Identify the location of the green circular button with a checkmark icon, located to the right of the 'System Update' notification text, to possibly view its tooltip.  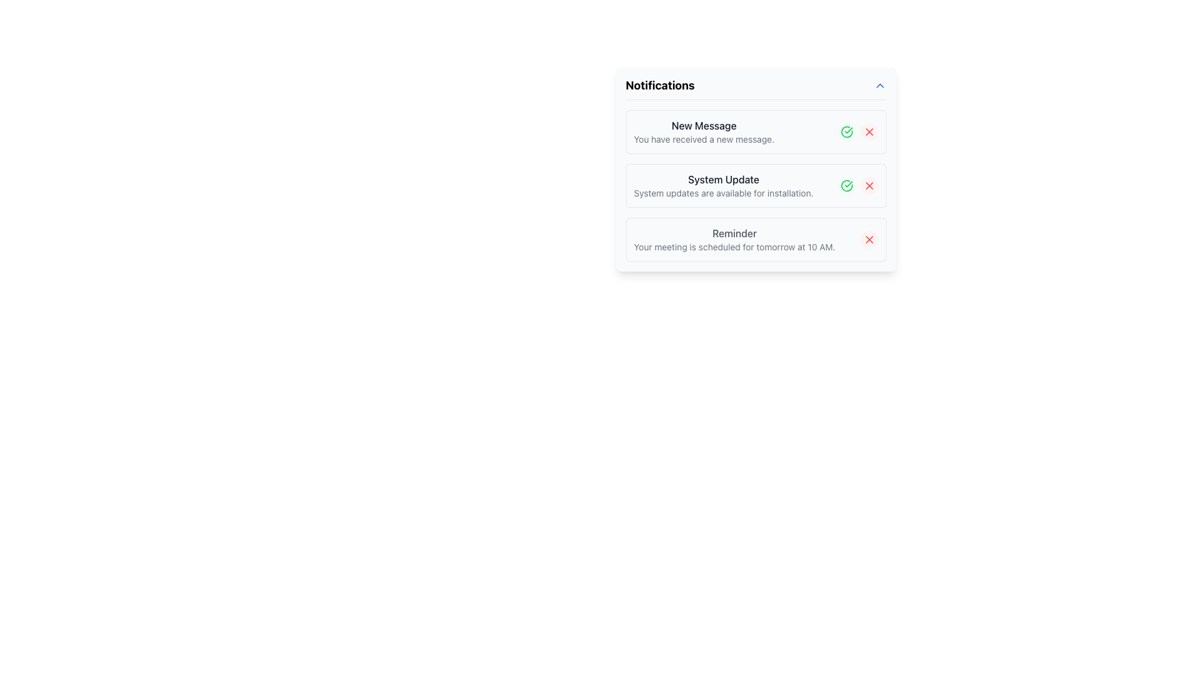
(846, 186).